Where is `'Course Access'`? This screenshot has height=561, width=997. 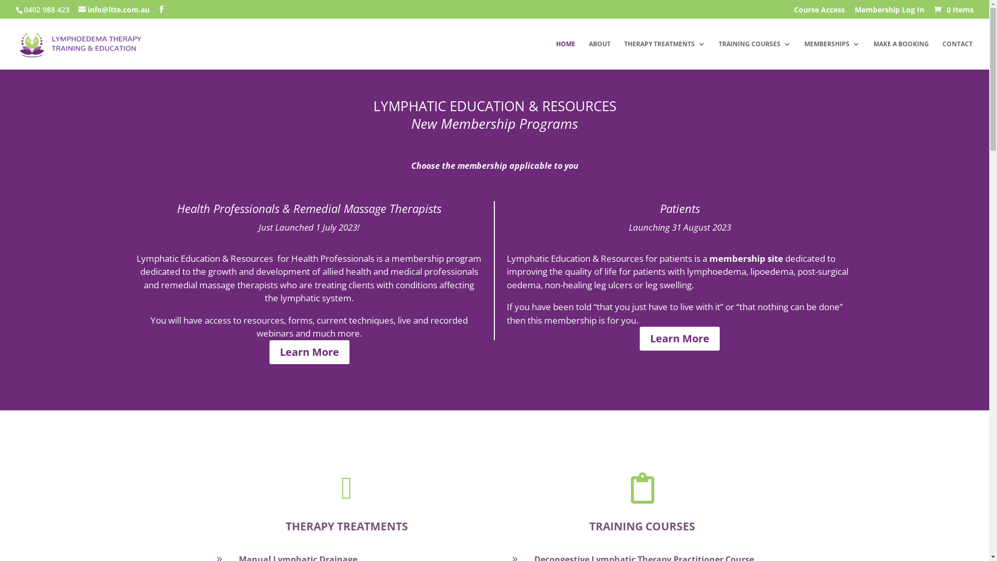
'Course Access' is located at coordinates (819, 12).